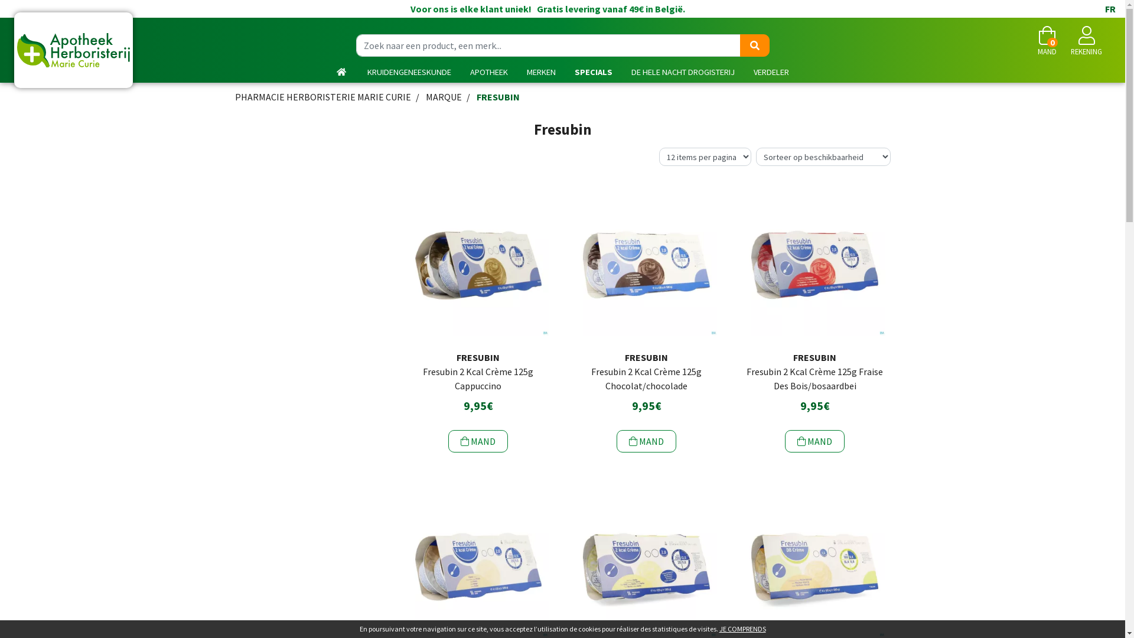 The width and height of the screenshot is (1134, 638). I want to click on 'FRESUBIN', so click(497, 96).